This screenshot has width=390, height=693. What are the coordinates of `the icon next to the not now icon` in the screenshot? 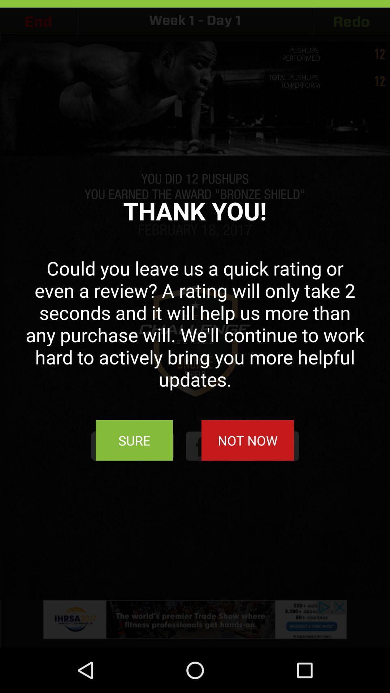 It's located at (134, 440).